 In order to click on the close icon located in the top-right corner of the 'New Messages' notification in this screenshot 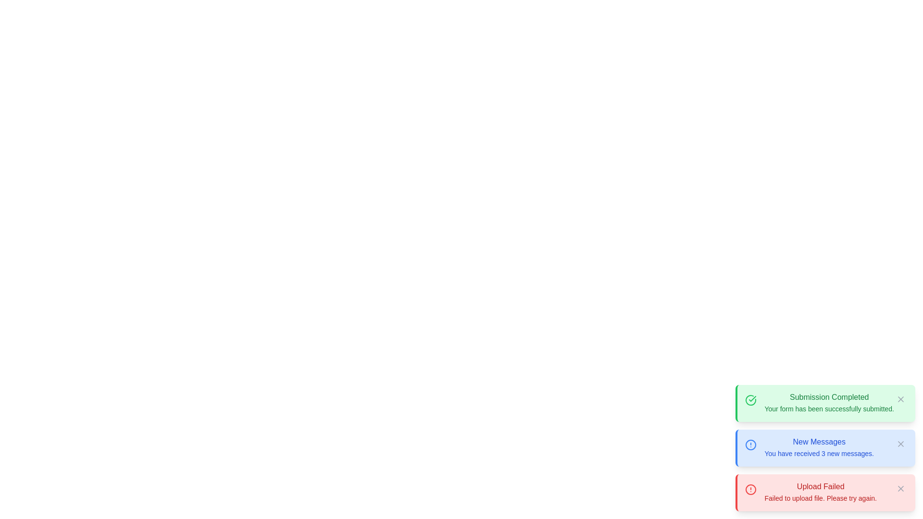, I will do `click(900, 444)`.